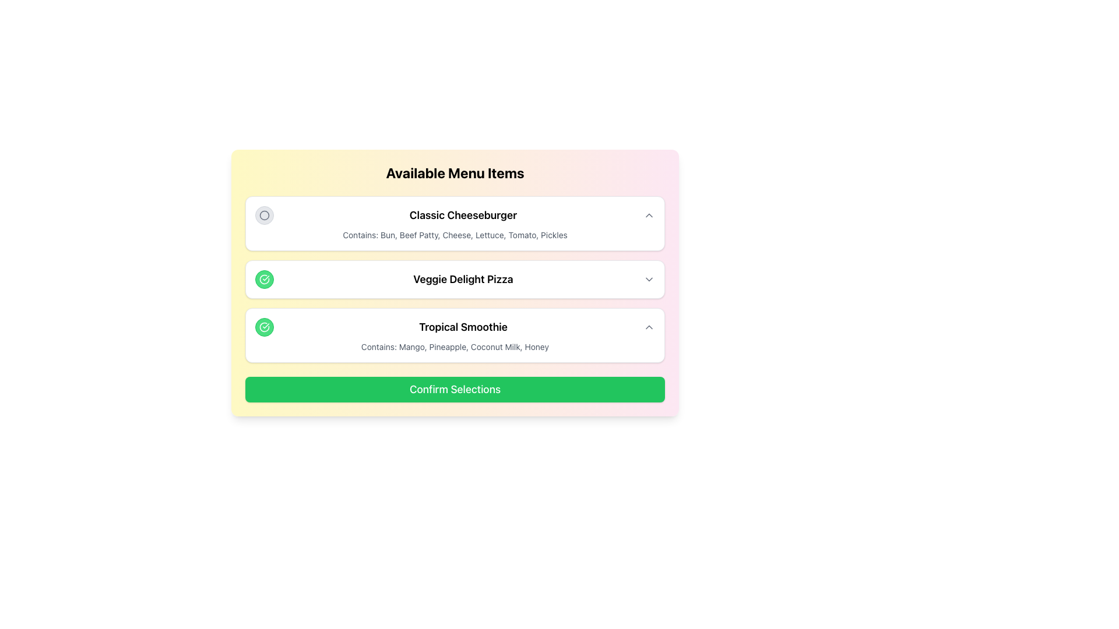 This screenshot has width=1119, height=629. Describe the element at coordinates (648, 279) in the screenshot. I see `the dropdown toggle icon to enable keyboard navigation for the 'Veggie Delight Pizza' section` at that location.